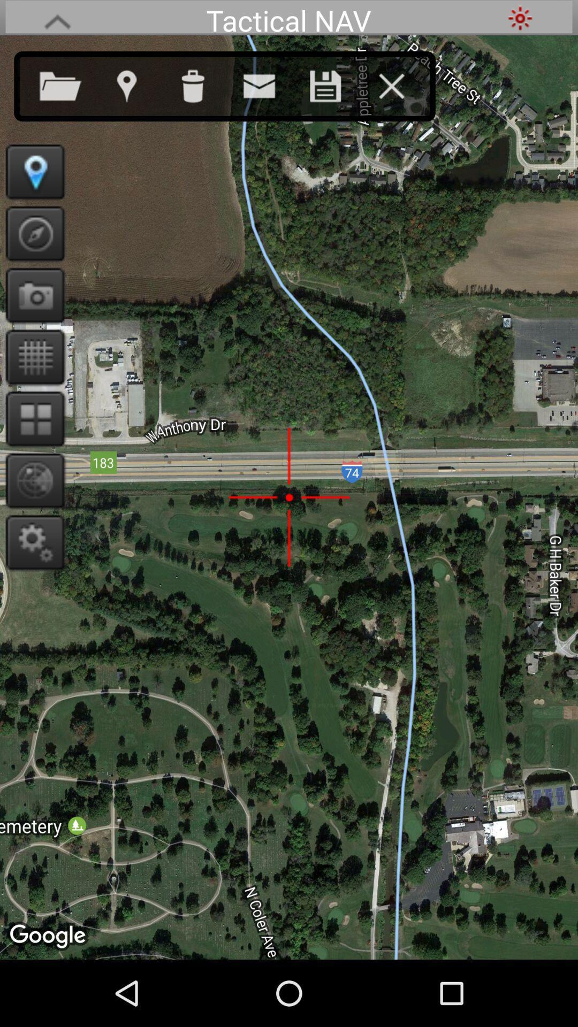 The image size is (578, 1027). Describe the element at coordinates (31, 542) in the screenshot. I see `settings/options` at that location.